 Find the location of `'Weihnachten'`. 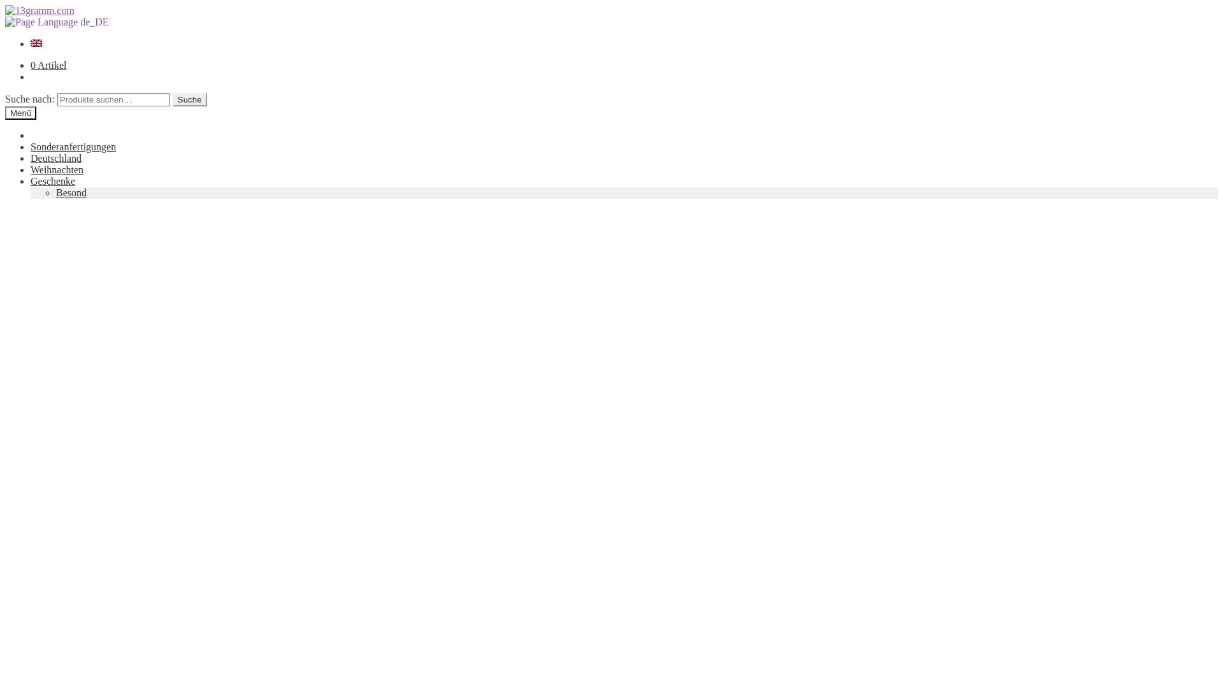

'Weihnachten' is located at coordinates (31, 169).